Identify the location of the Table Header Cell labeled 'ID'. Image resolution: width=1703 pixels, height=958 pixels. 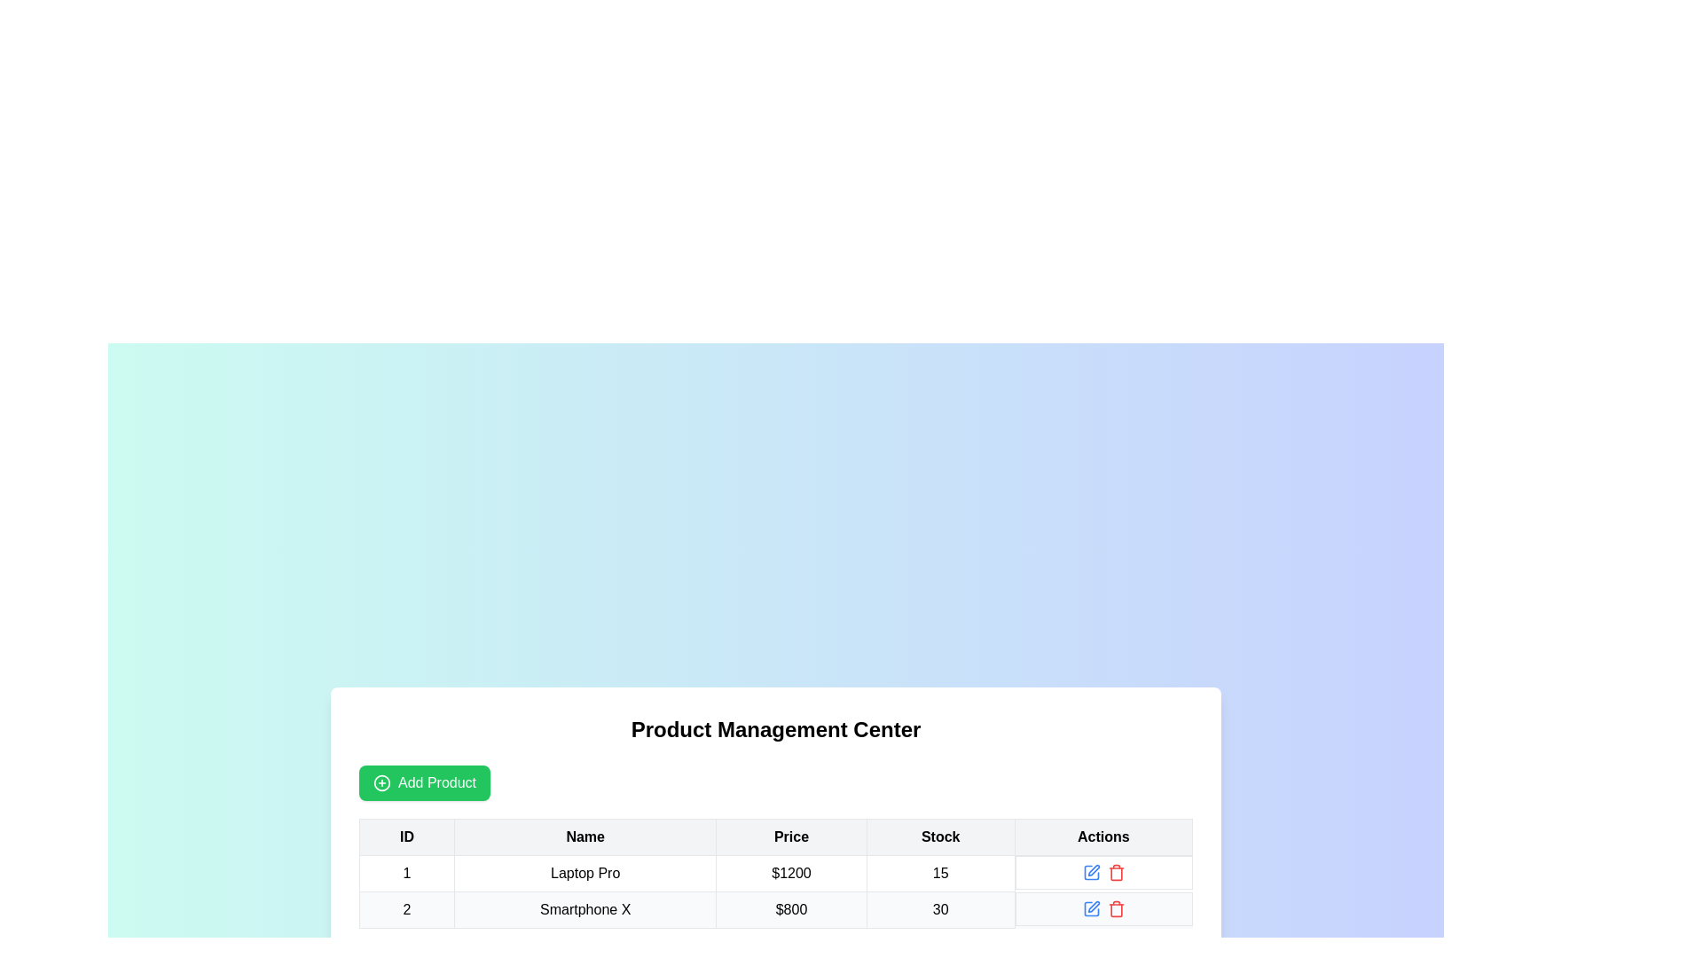
(406, 837).